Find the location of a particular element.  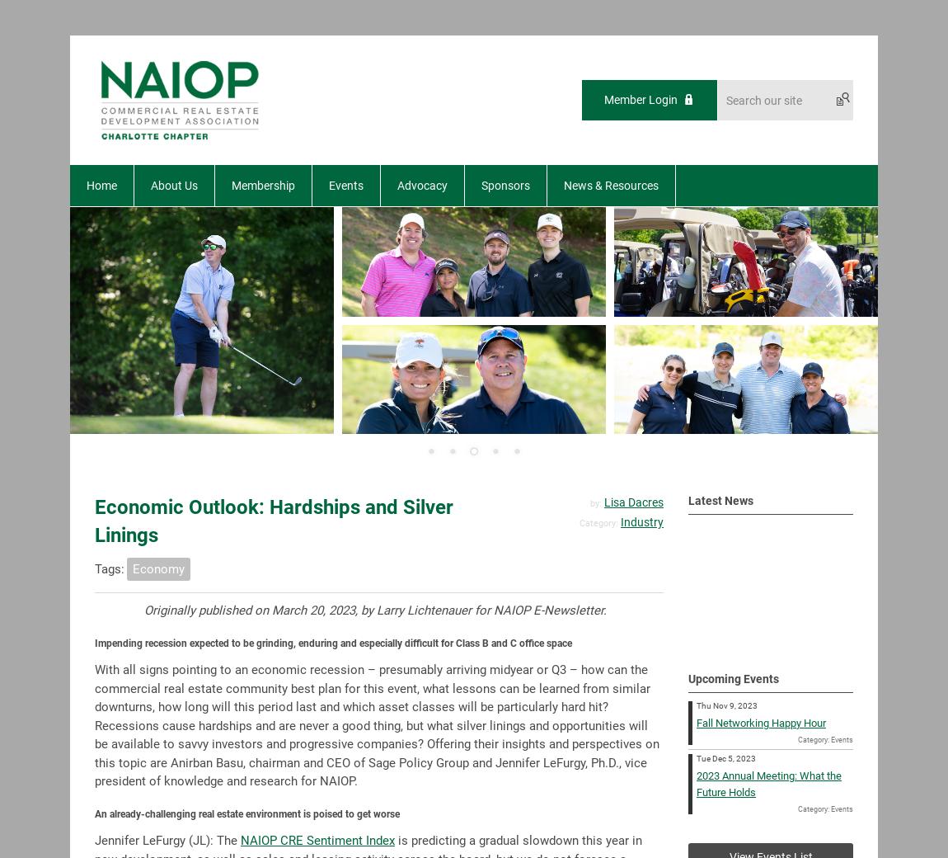

'Lisa Dacres' is located at coordinates (633, 500).